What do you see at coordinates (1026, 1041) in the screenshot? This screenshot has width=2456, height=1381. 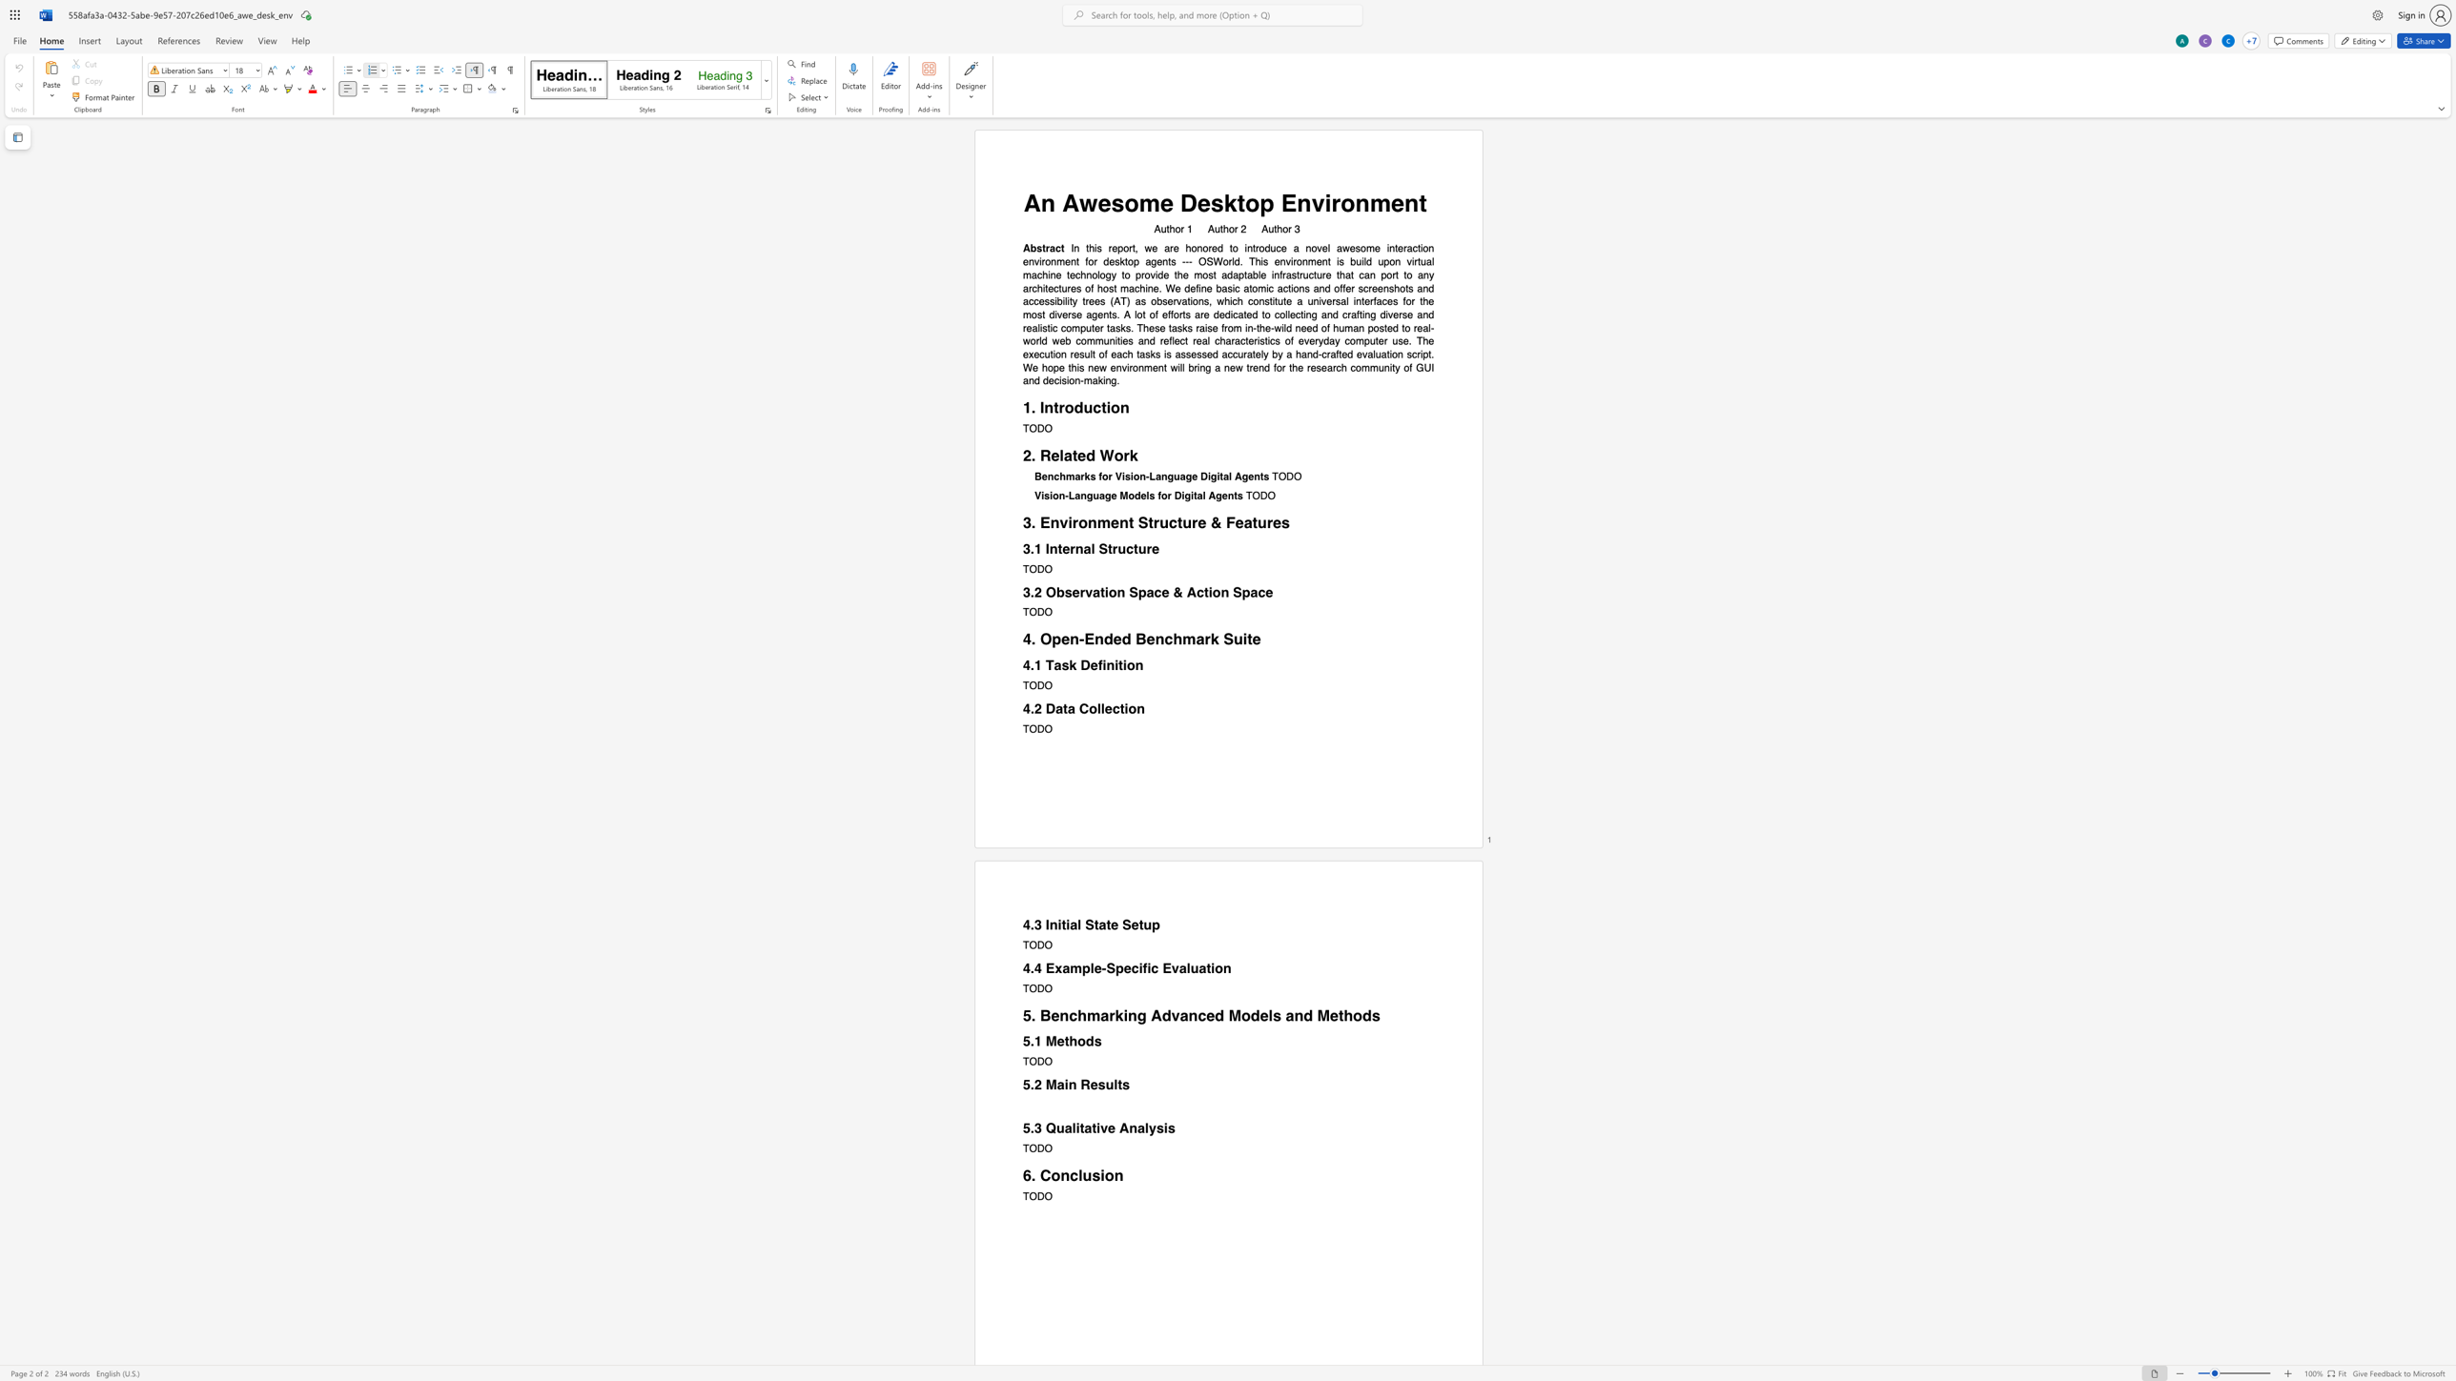 I see `the 1th character "5" in the text` at bounding box center [1026, 1041].